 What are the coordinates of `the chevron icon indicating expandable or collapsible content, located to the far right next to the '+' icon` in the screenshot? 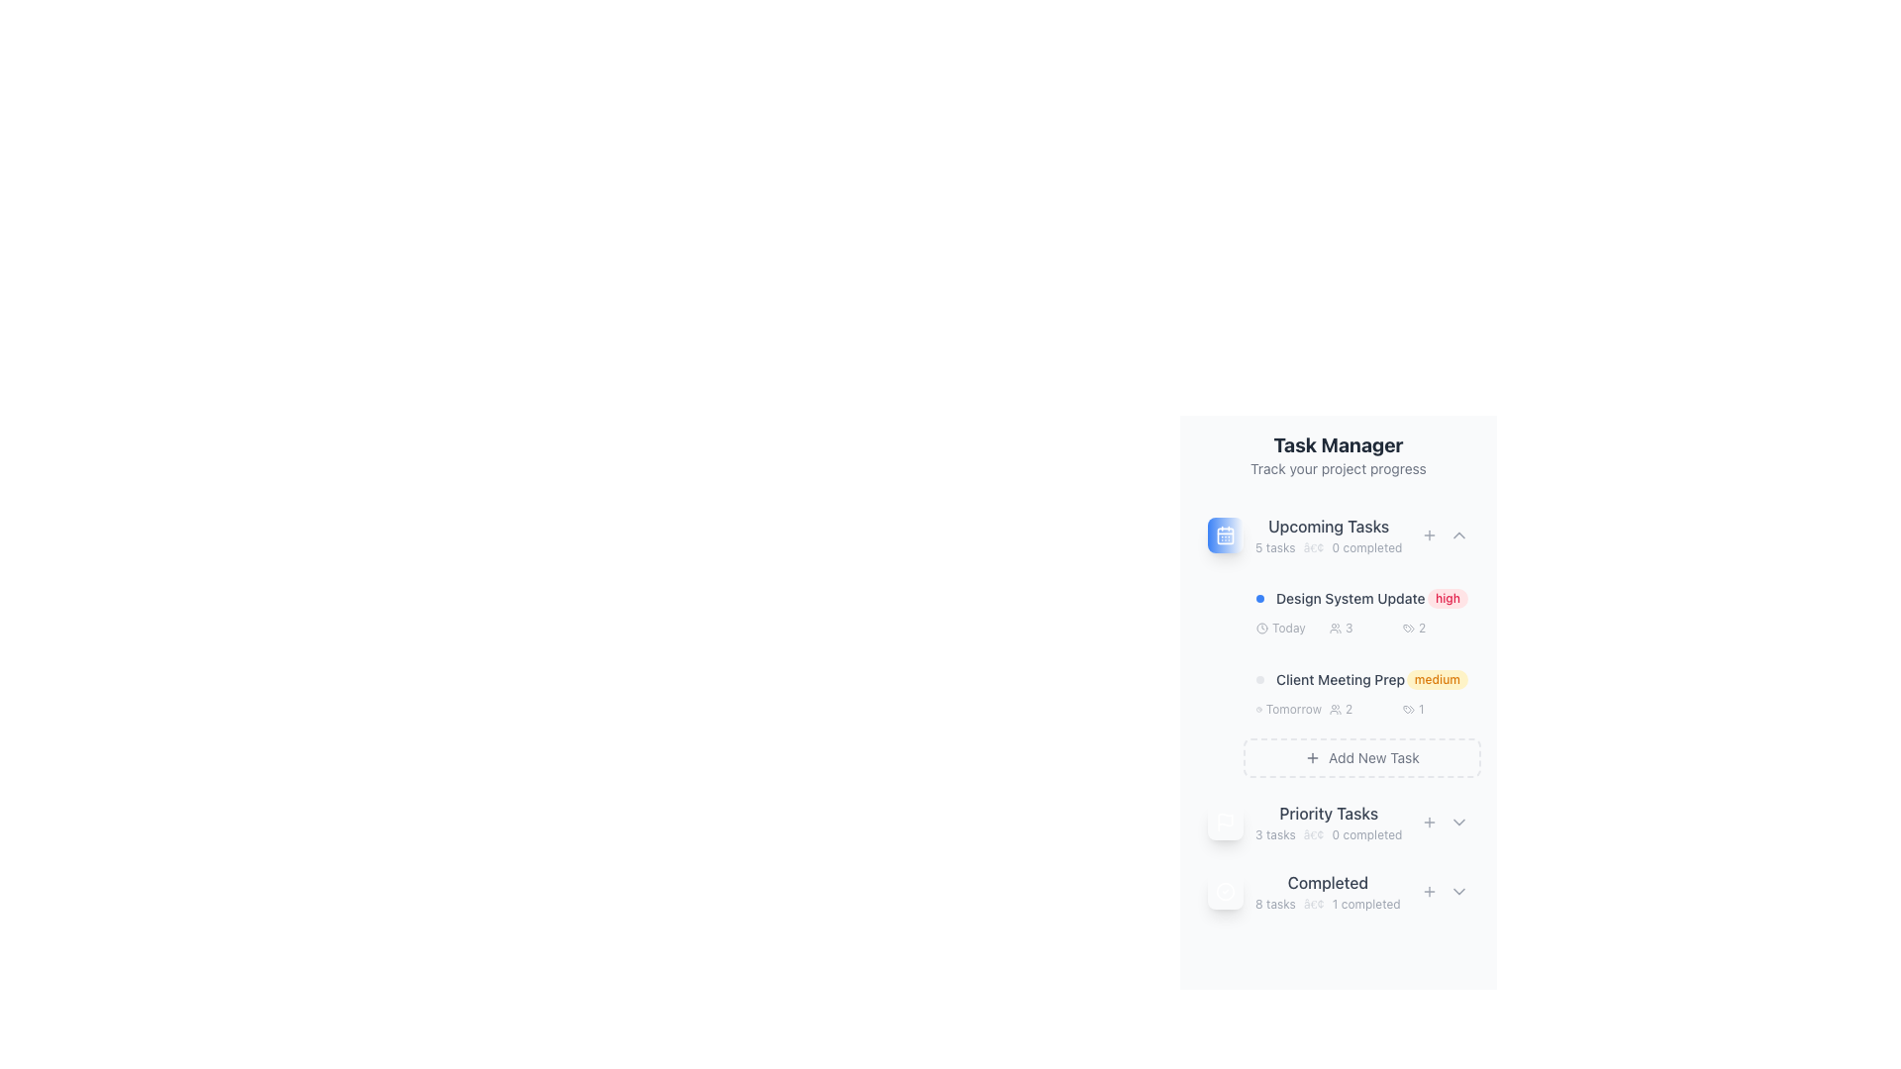 It's located at (1458, 534).